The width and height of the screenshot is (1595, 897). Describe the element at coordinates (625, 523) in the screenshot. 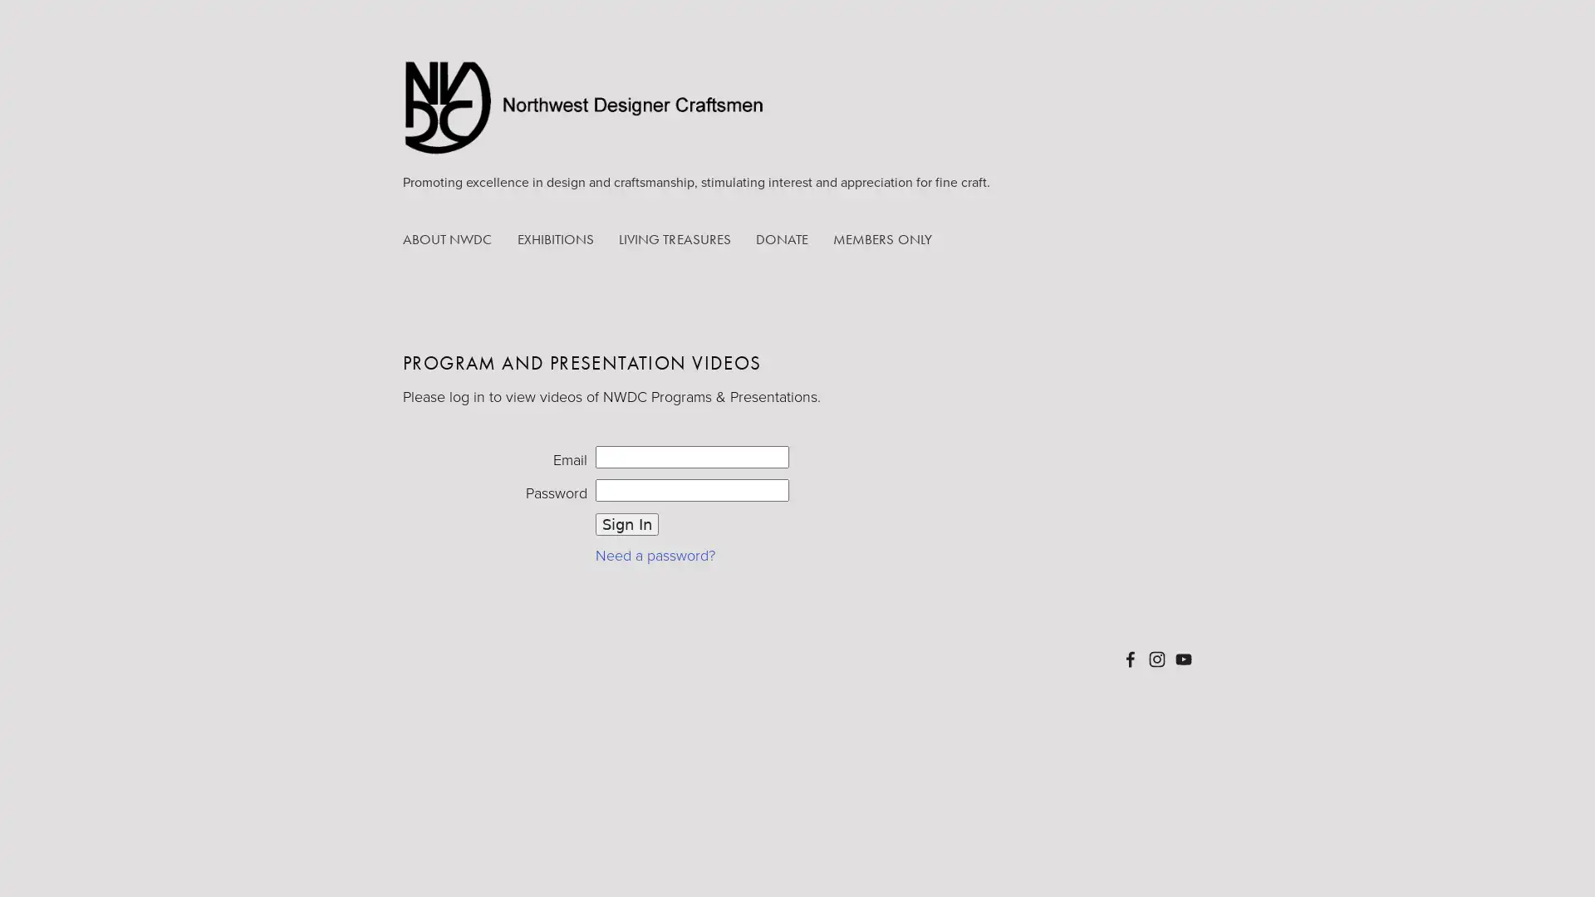

I see `Sign In` at that location.